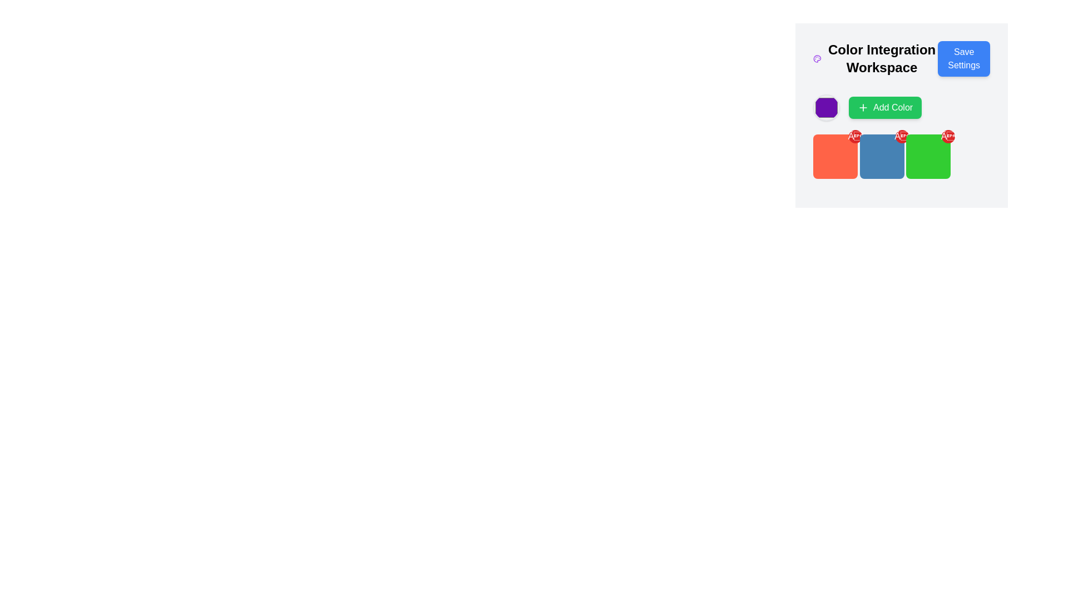  I want to click on the small plus sign icon on the green background, which is located within the 'Add Color' button to the left of the text, so click(862, 107).